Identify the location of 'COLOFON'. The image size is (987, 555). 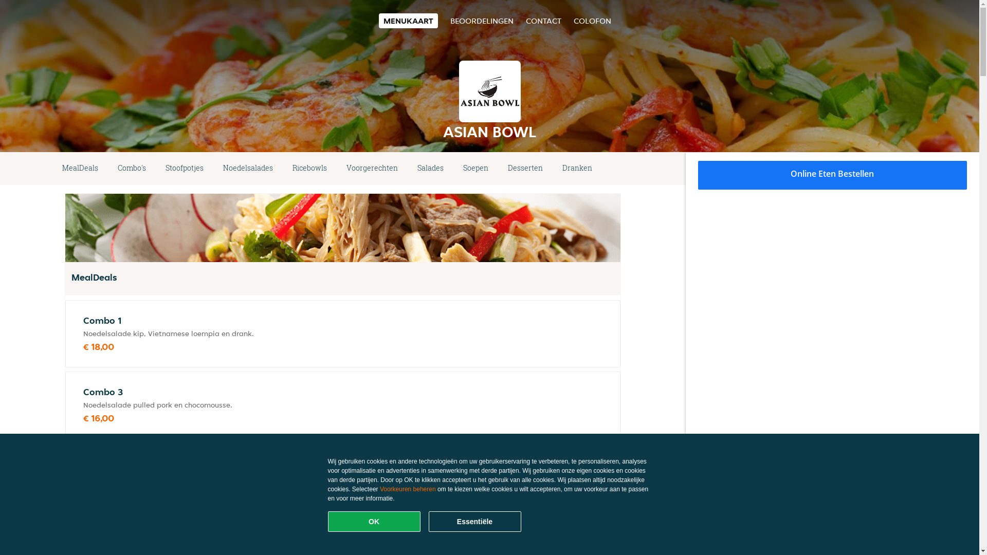
(573, 21).